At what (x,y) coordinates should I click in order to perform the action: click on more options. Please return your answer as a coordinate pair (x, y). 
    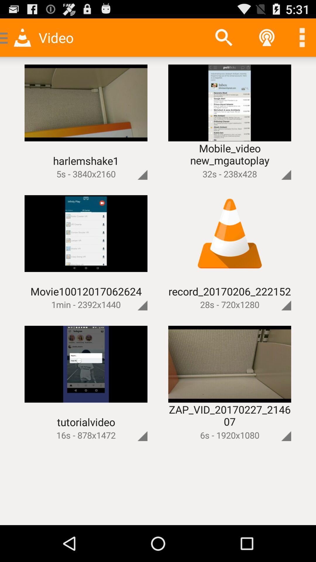
    Looking at the image, I should click on (302, 37).